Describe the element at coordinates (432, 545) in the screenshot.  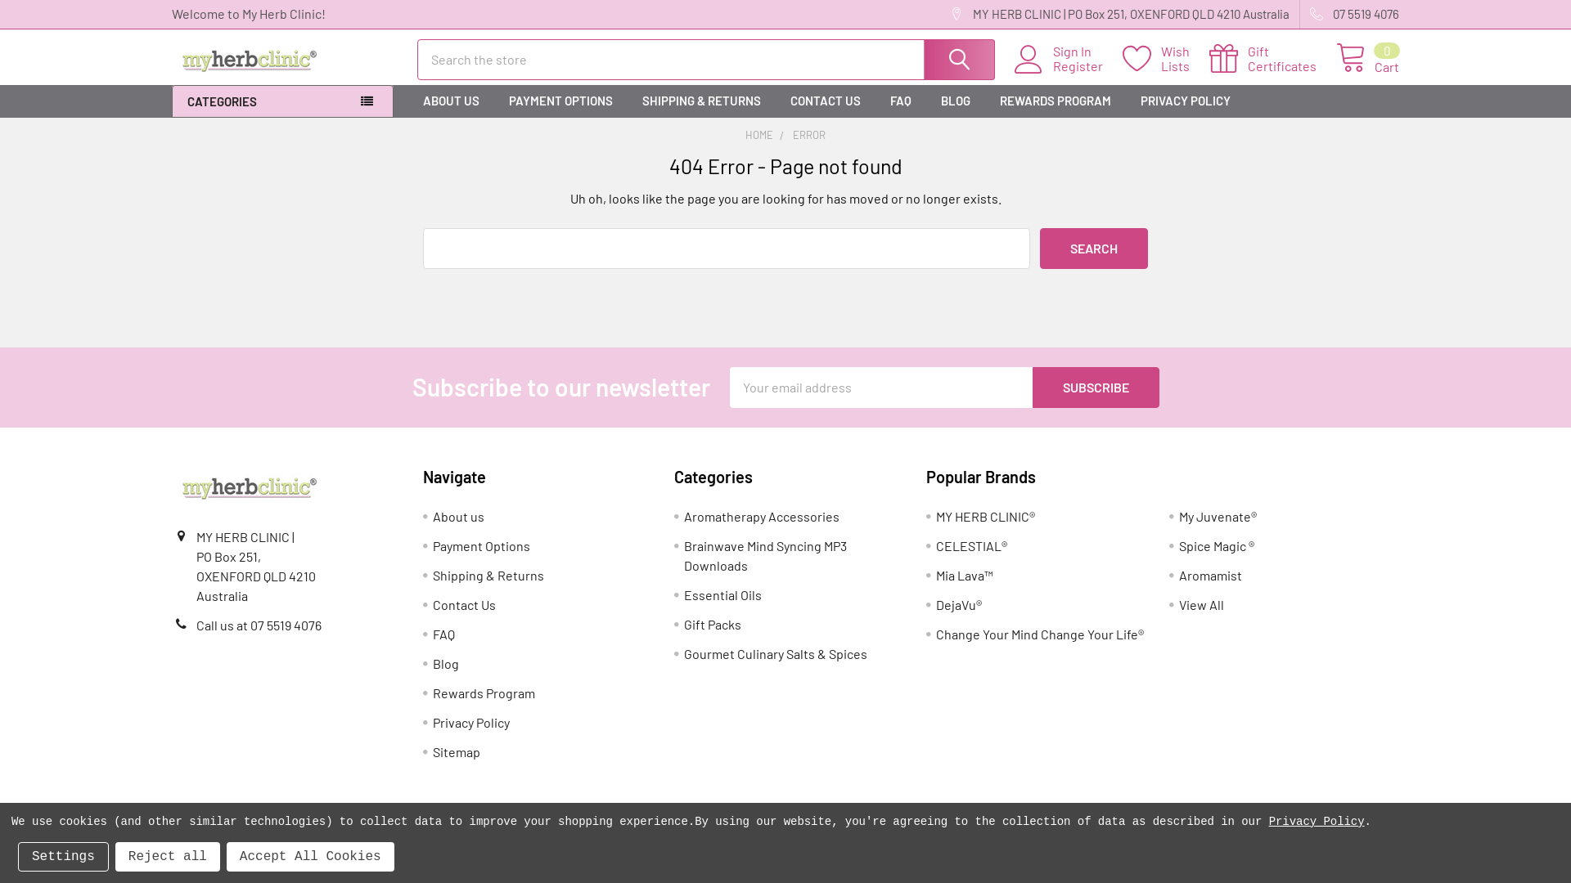
I see `'Payment Options'` at that location.